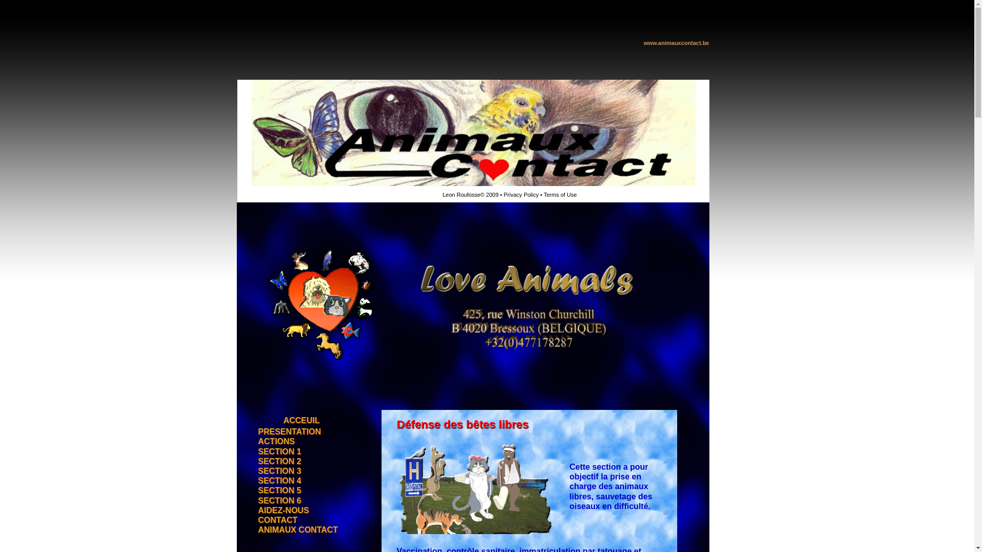 The image size is (982, 552). Describe the element at coordinates (298, 337) in the screenshot. I see `'En vrac'` at that location.